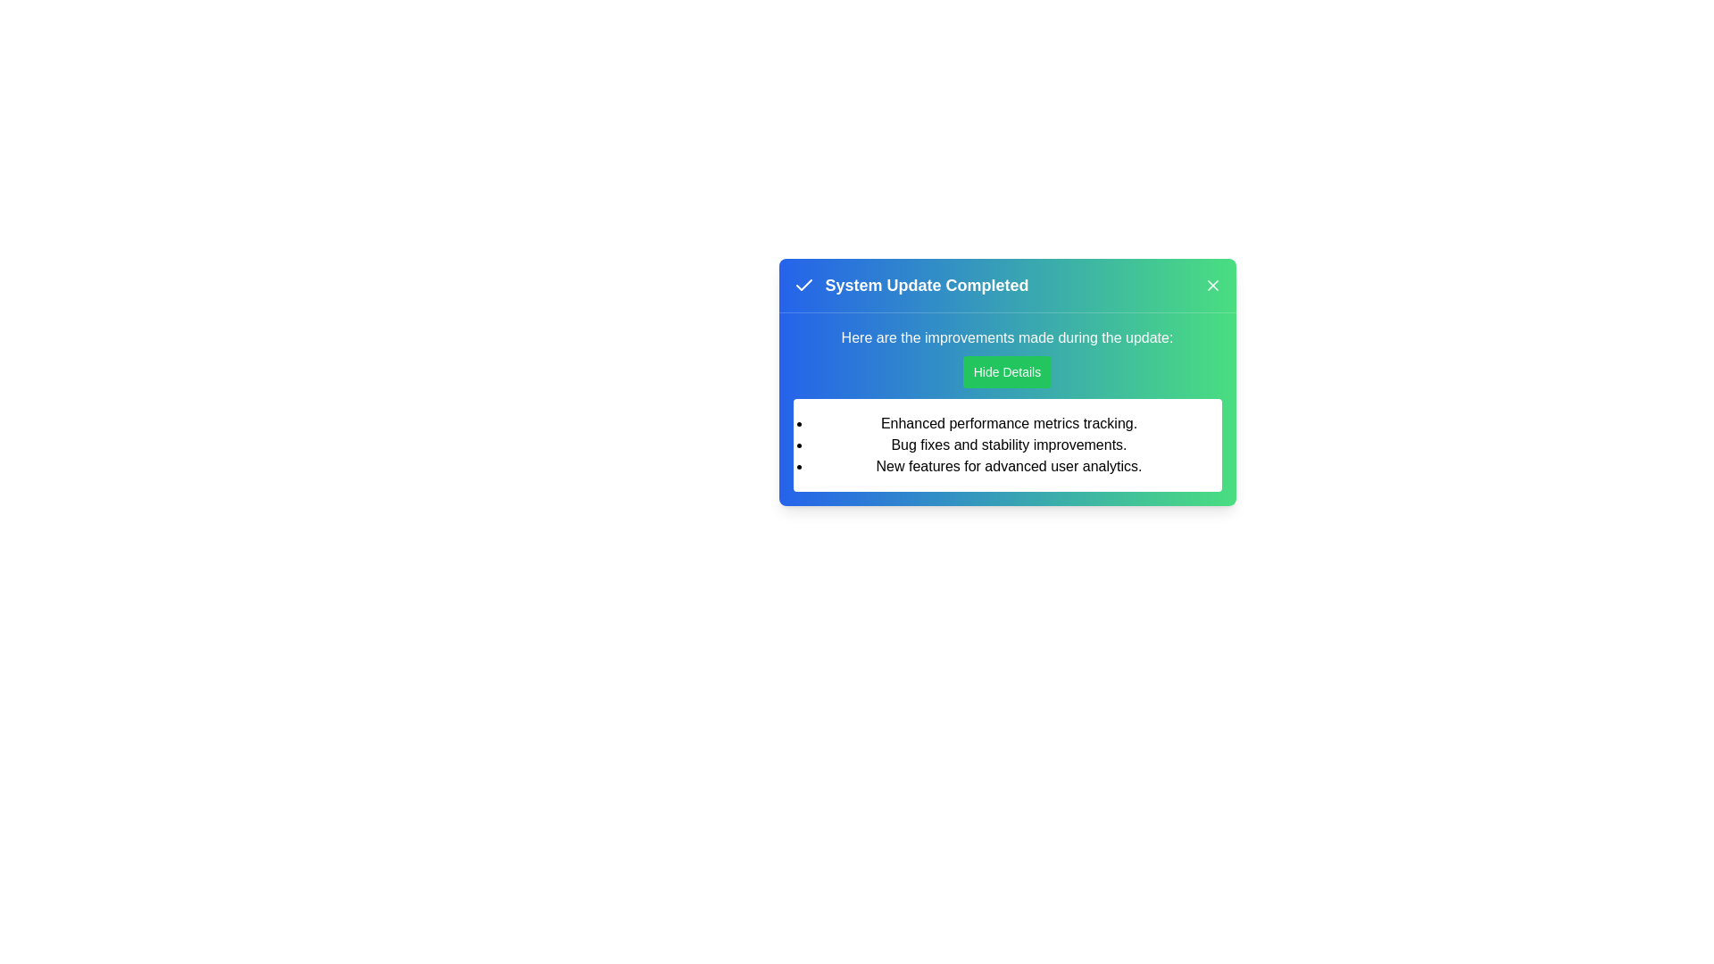 Image resolution: width=1714 pixels, height=964 pixels. I want to click on the close button to dismiss the notification, so click(1212, 285).